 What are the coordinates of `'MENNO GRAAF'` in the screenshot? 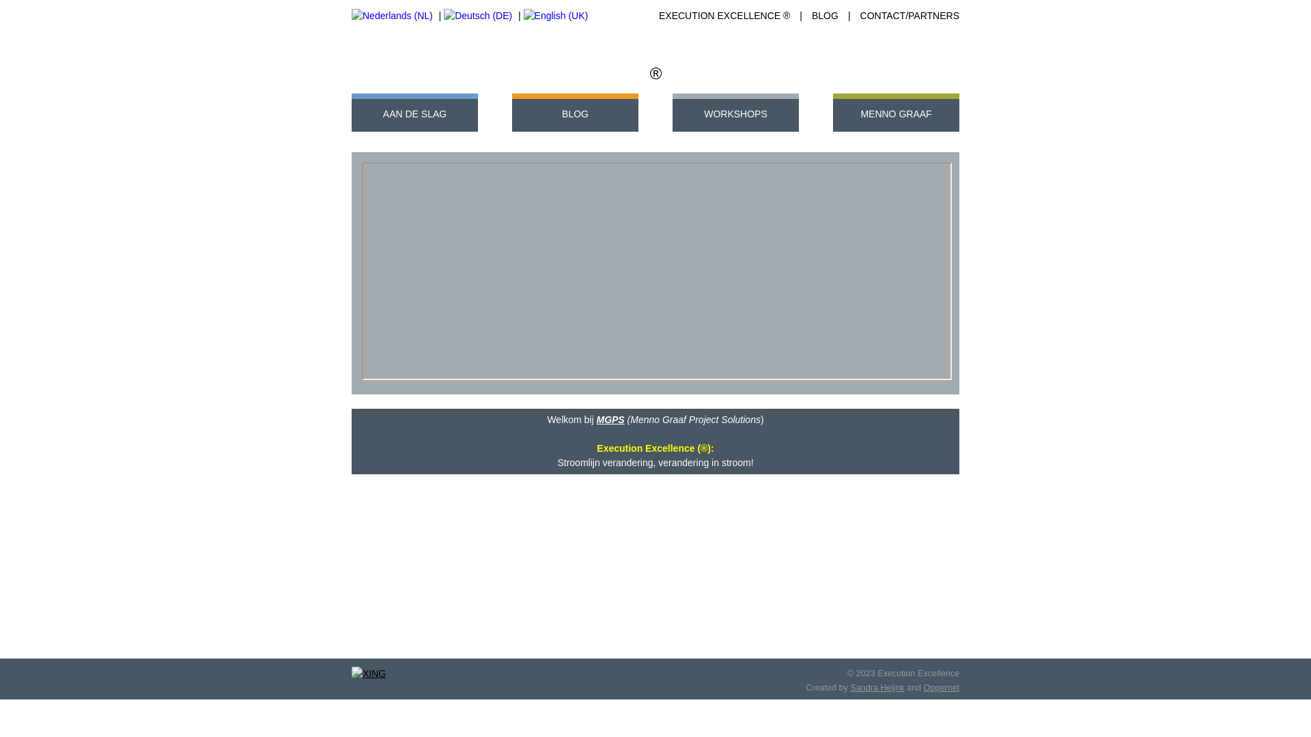 It's located at (896, 115).